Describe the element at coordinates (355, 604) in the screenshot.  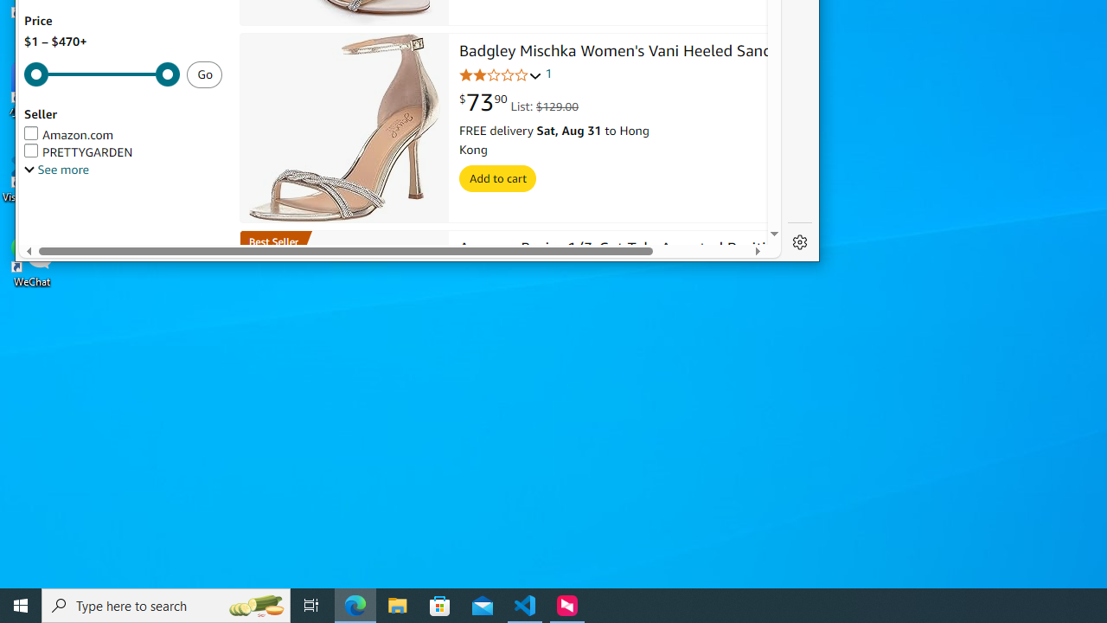
I see `'Microsoft Edge - 1 running window'` at that location.